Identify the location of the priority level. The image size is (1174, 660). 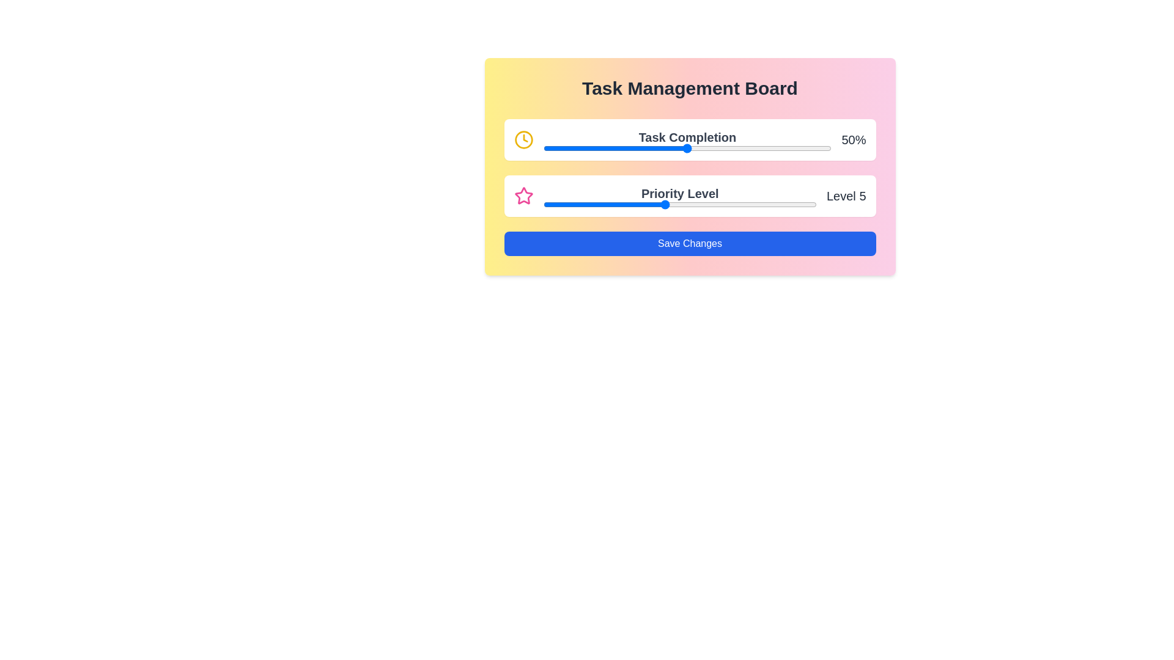
(664, 204).